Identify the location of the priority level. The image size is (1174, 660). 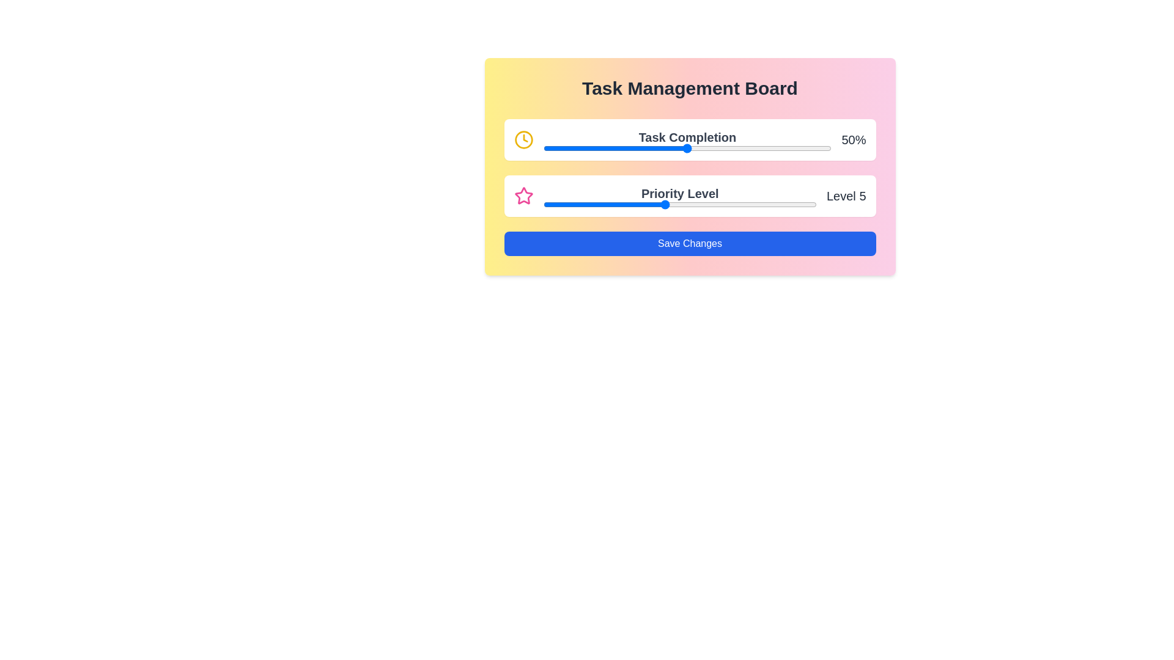
(664, 204).